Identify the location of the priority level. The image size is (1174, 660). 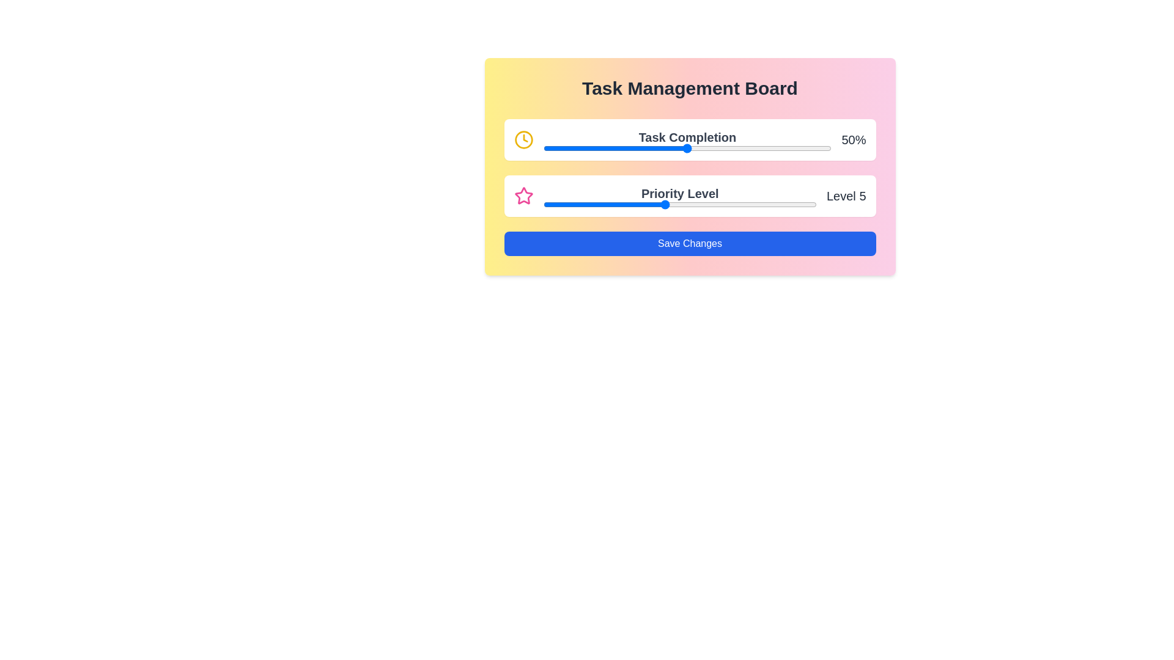
(664, 204).